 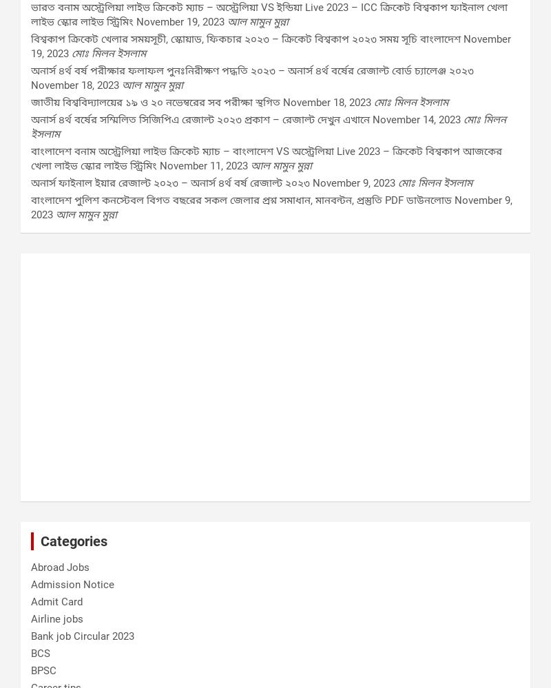 What do you see at coordinates (241, 199) in the screenshot?
I see `'বাংলাদেশ পুলিশ কনস্টেবল বিগত বছরের সকল জেলার প্রশ্ন সমাধান, মানবন্টন, প্রস্তুতি PDF ডাউনলোড'` at bounding box center [241, 199].